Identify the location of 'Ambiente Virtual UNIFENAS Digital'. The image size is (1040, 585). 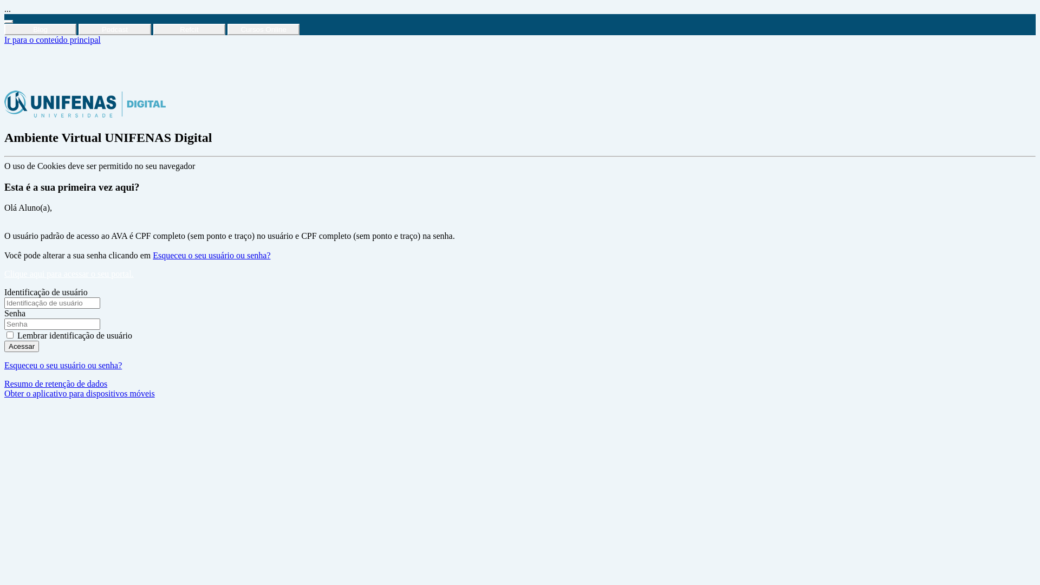
(84, 104).